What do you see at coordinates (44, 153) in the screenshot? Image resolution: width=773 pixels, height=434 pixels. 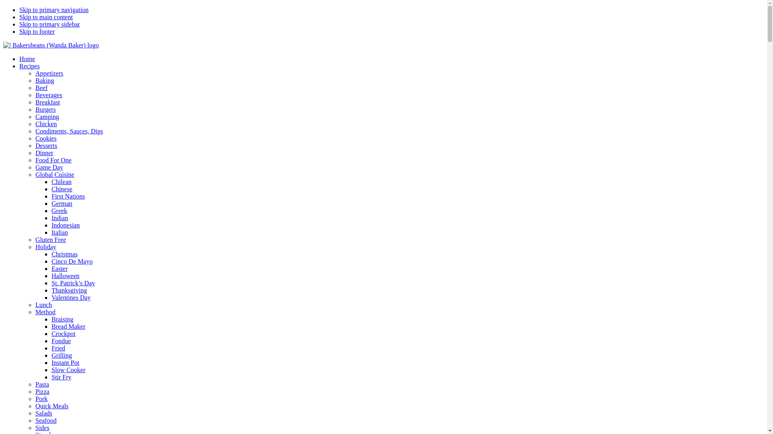 I see `'Dinner'` at bounding box center [44, 153].